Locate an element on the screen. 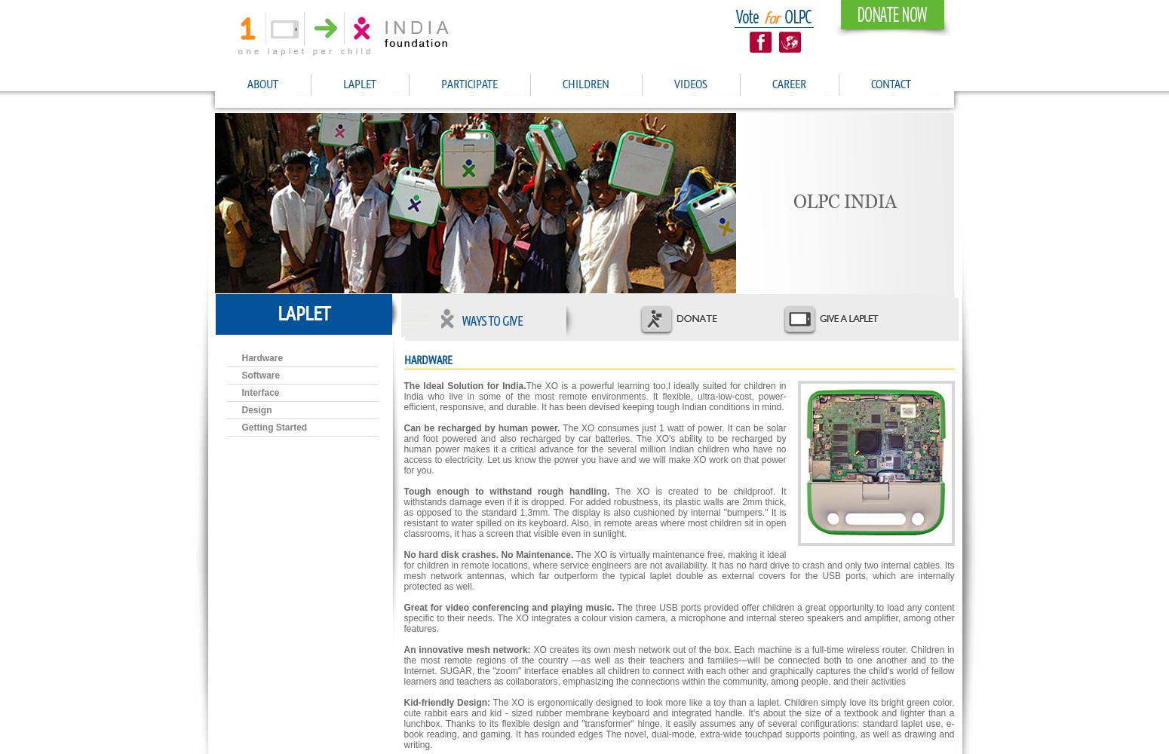 Image resolution: width=1169 pixels, height=754 pixels. 'Can be recharged by human power.' is located at coordinates (480, 428).